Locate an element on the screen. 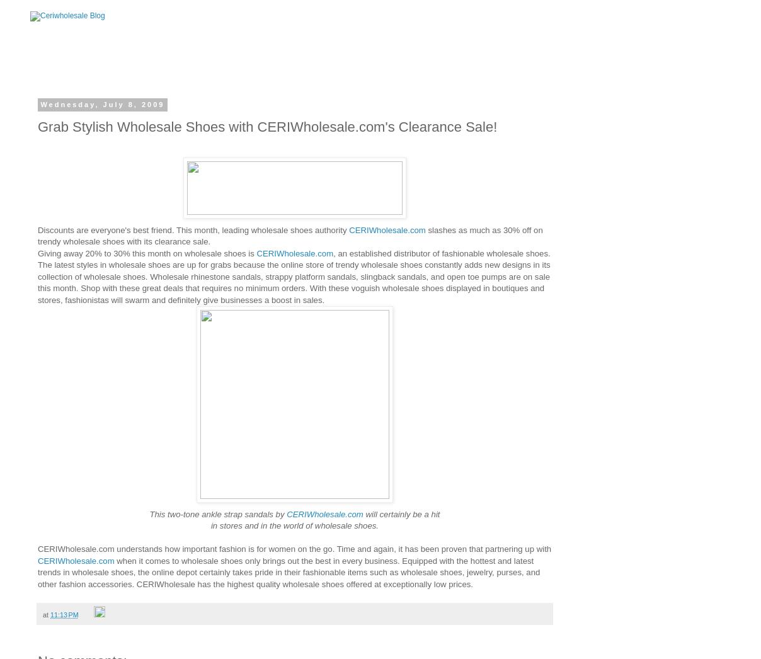  'slashes as much as 30% off on trendy wholesale shoes with its clearance sale.' is located at coordinates (290, 236).